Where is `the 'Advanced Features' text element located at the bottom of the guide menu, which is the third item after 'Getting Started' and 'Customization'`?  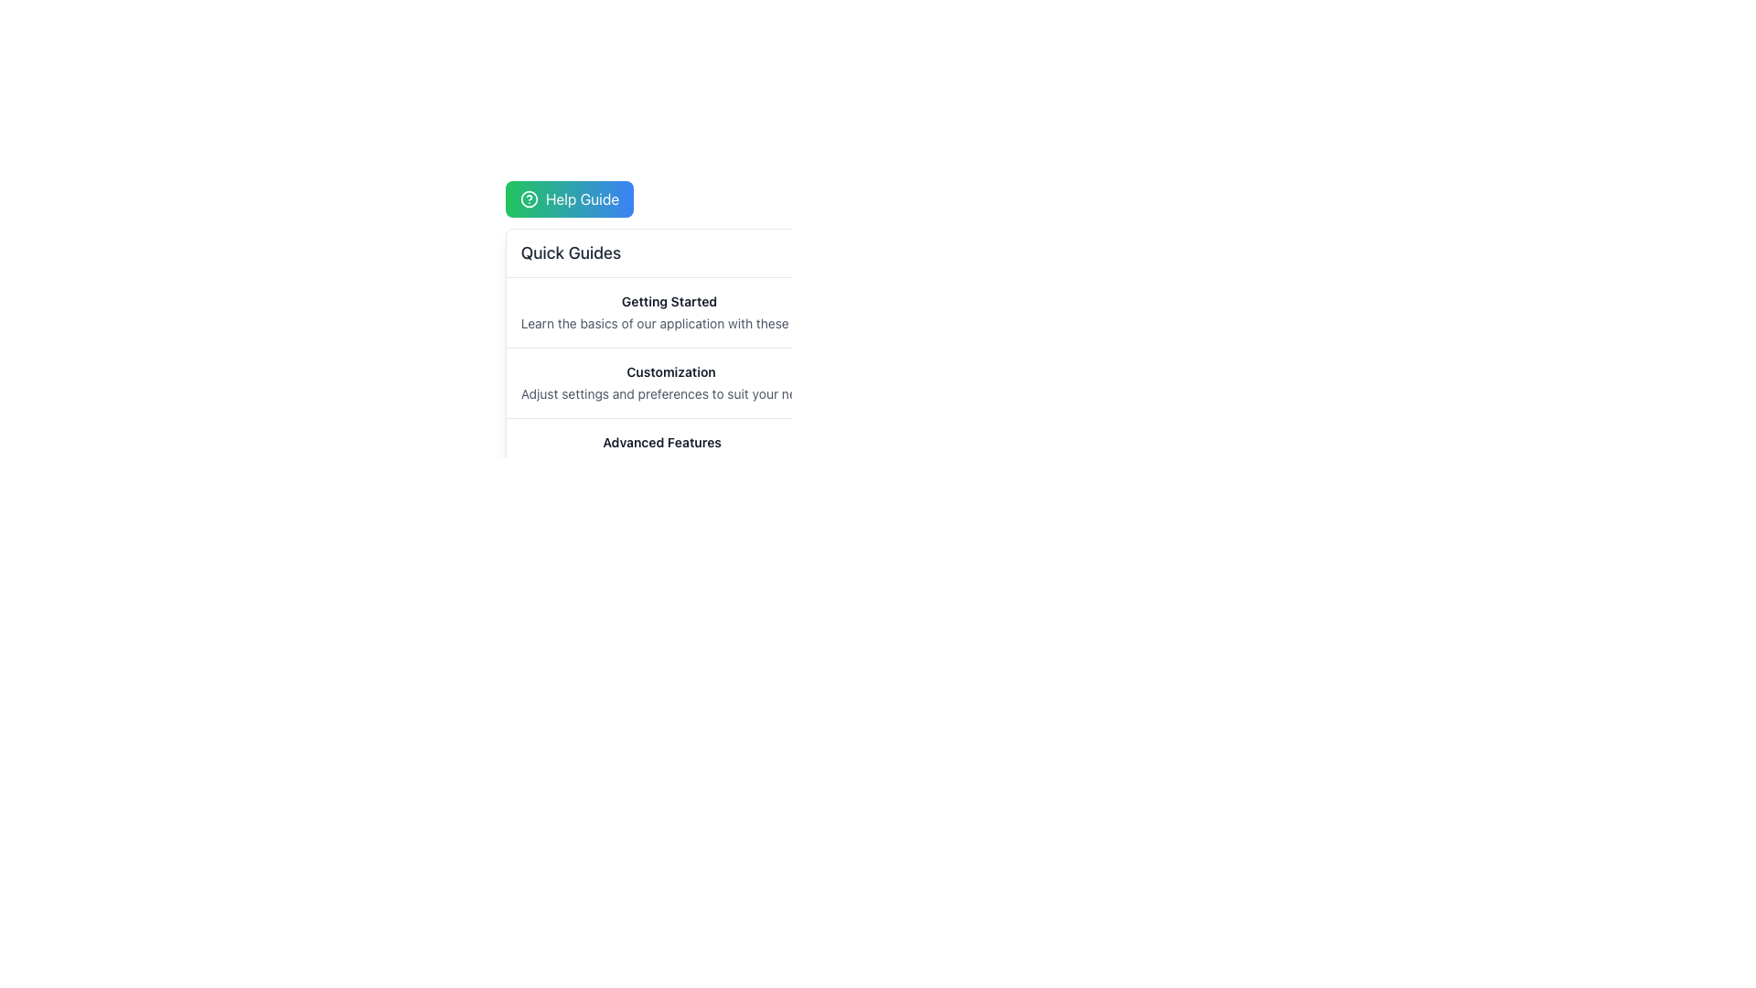 the 'Advanced Features' text element located at the bottom of the guide menu, which is the third item after 'Getting Started' and 'Customization' is located at coordinates (680, 453).